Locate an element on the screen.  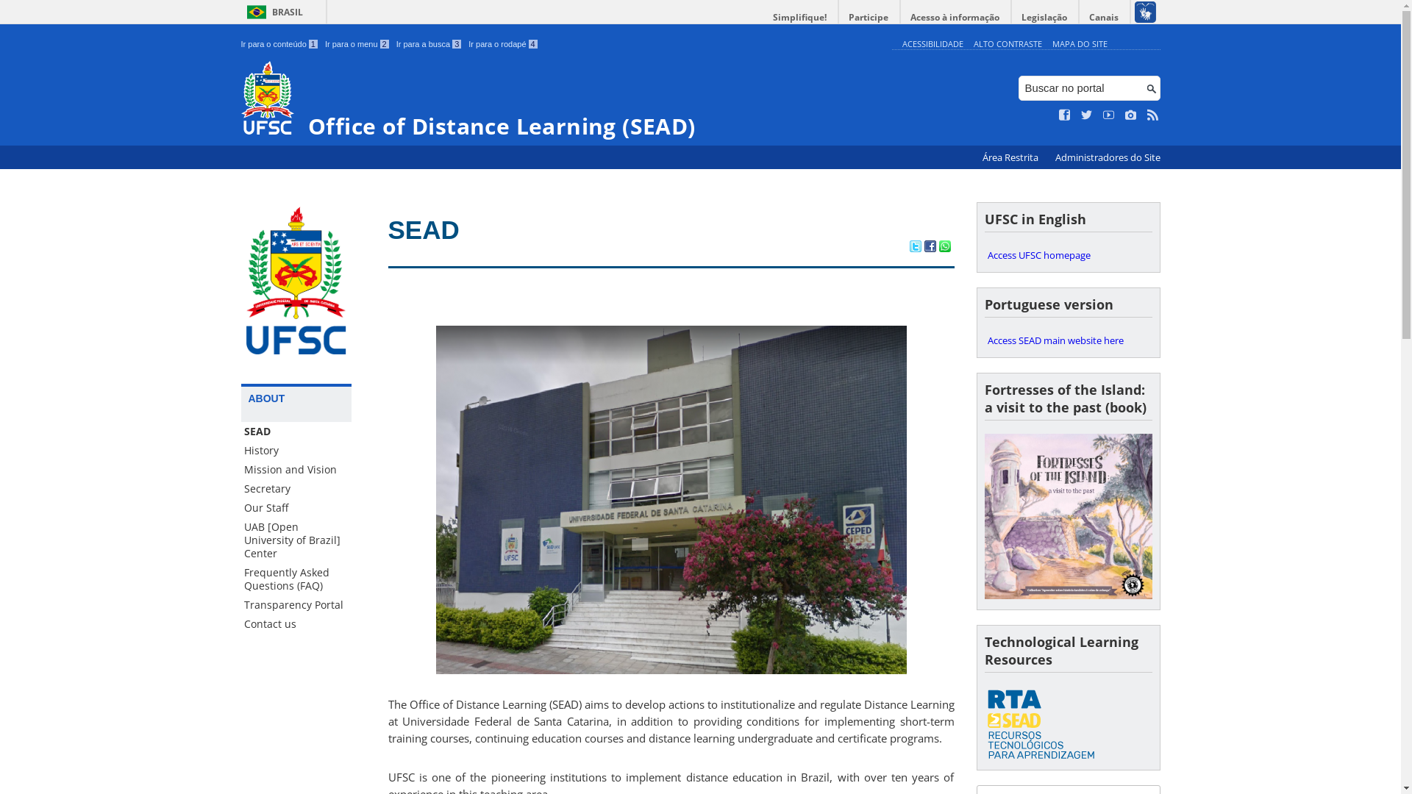
'Access UFSC homepage' is located at coordinates (1068, 254).